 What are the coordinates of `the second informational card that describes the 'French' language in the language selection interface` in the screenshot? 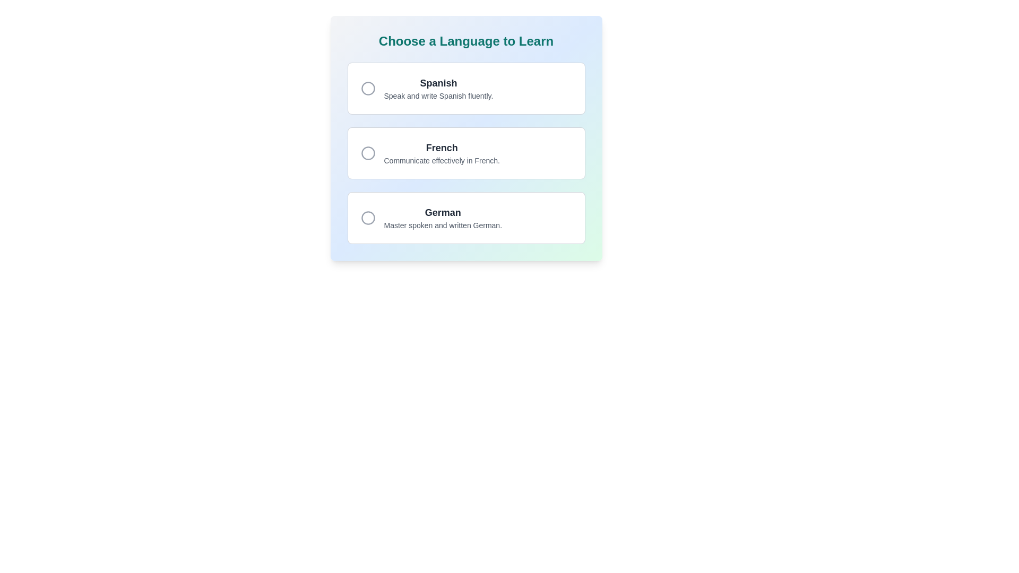 It's located at (466, 138).